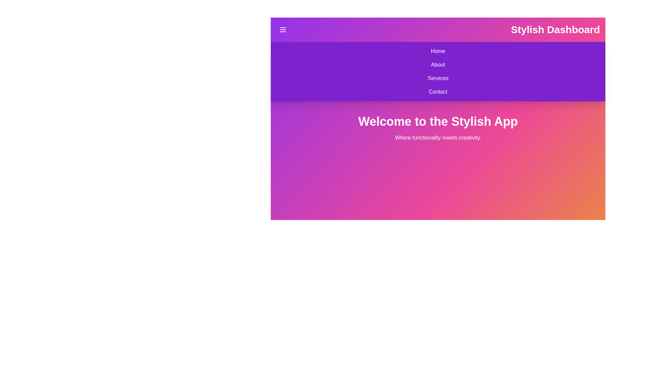 The width and height of the screenshot is (649, 365). Describe the element at coordinates (276, 92) in the screenshot. I see `the Contact from the navigation menu` at that location.